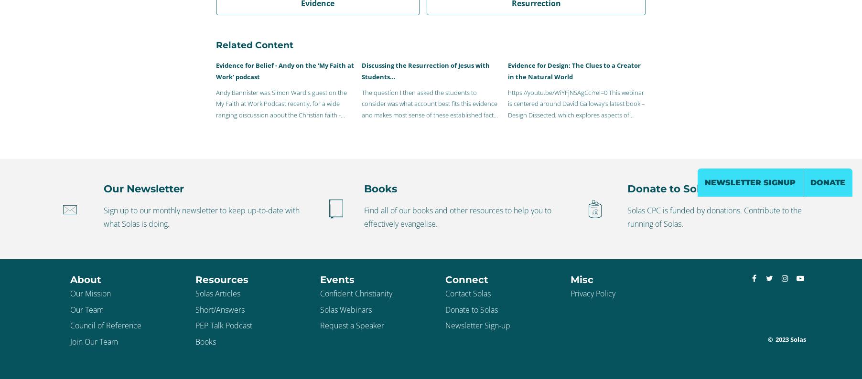 The width and height of the screenshot is (862, 379). I want to click on 'Newsletter Signup', so click(750, 182).